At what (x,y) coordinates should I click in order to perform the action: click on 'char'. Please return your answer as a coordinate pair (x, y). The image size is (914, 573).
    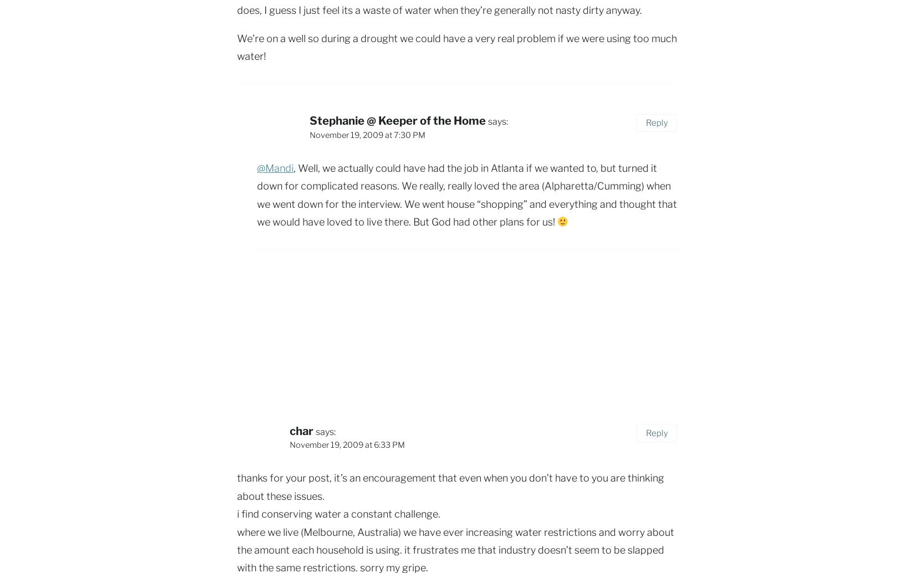
    Looking at the image, I should click on (289, 430).